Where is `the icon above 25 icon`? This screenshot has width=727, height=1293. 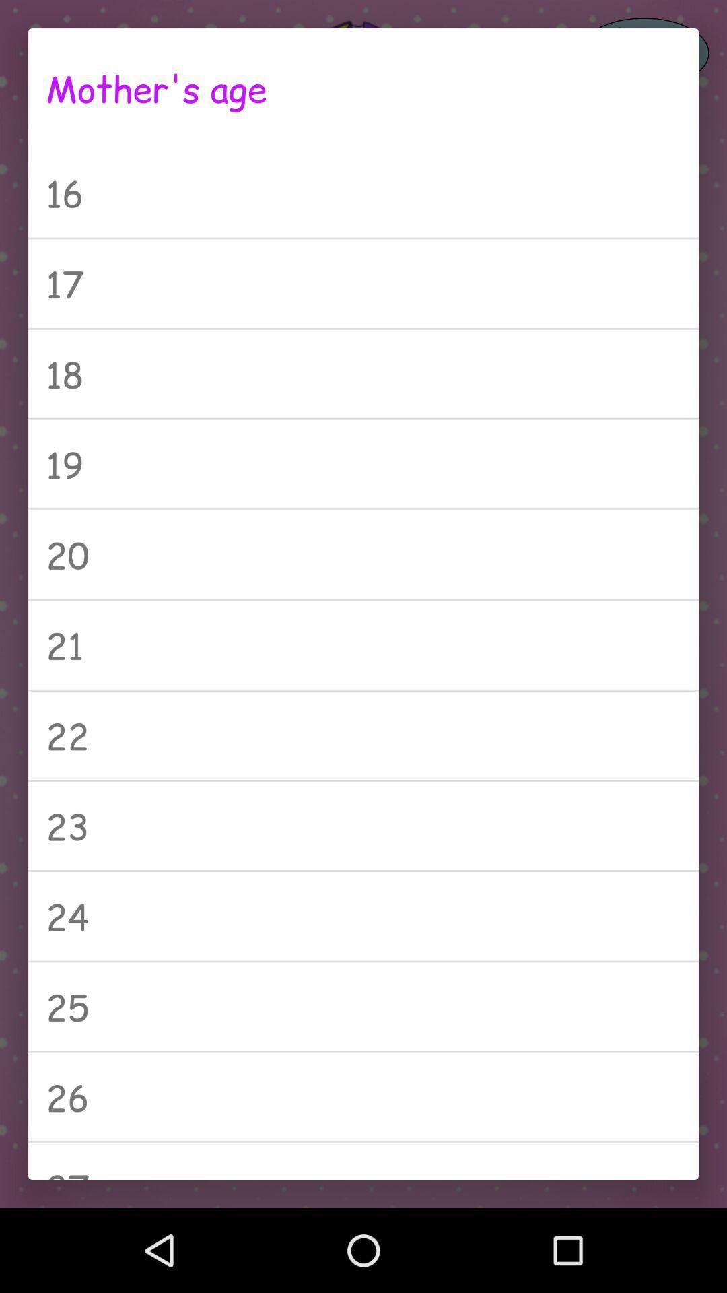 the icon above 25 icon is located at coordinates (363, 916).